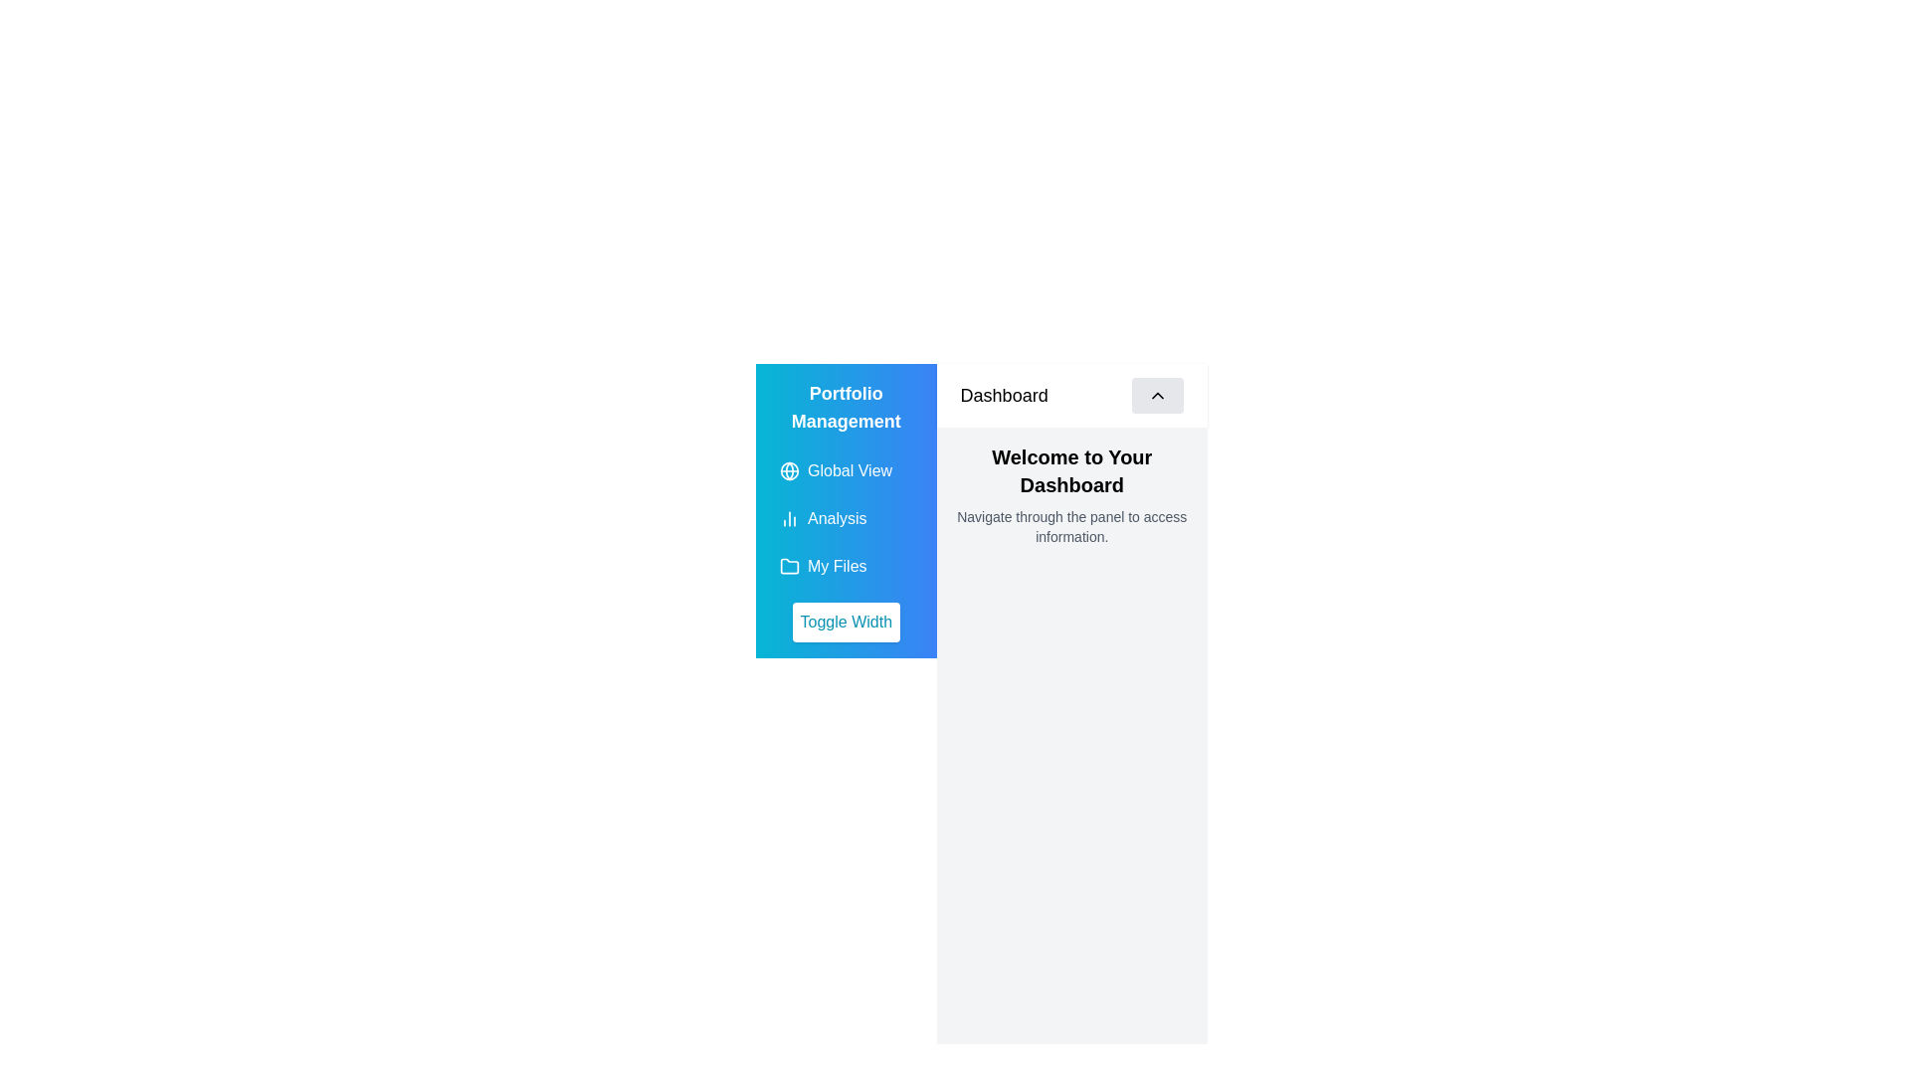 The image size is (1910, 1074). Describe the element at coordinates (1070, 471) in the screenshot. I see `the bold and large static text that reads 'Welcome to Your Dashboard', which is prominently visible at the top of the content section` at that location.